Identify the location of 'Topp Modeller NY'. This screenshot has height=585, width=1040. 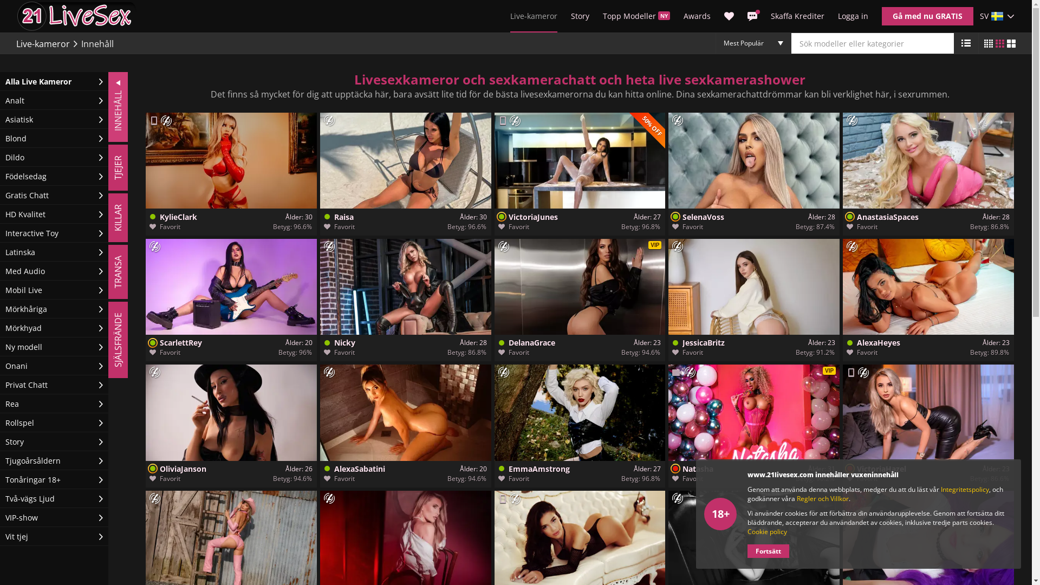
(636, 16).